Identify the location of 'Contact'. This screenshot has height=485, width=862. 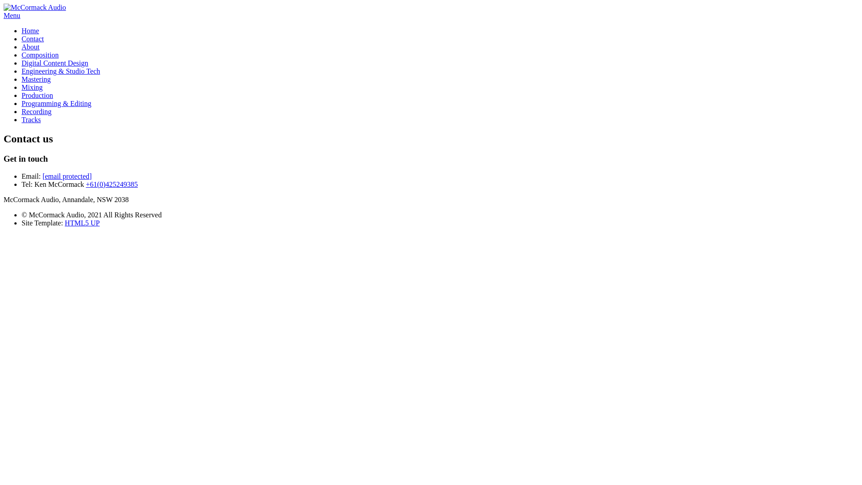
(22, 38).